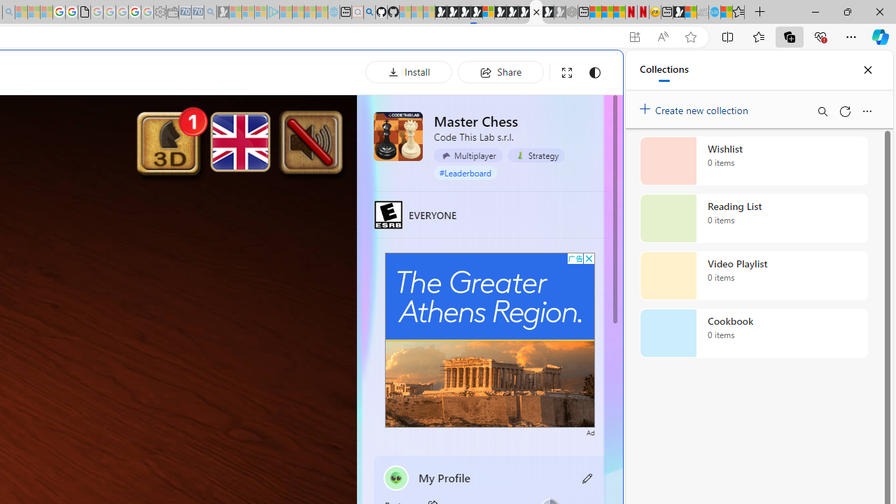 The width and height of the screenshot is (896, 504). Describe the element at coordinates (633, 36) in the screenshot. I see `'App available. Install Master Chess'` at that location.